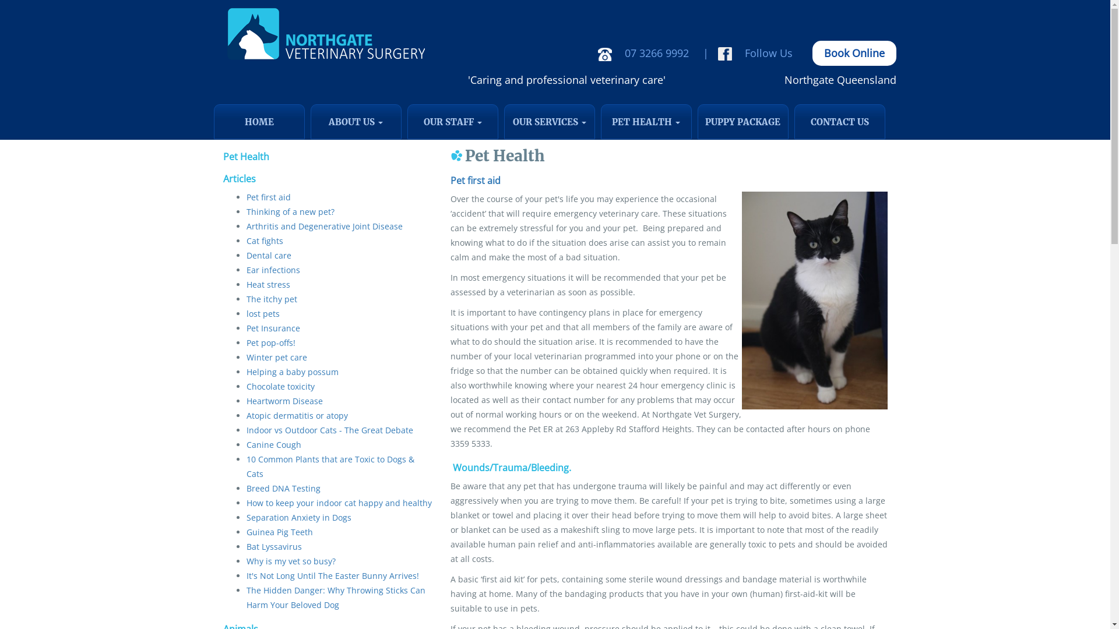 The height and width of the screenshot is (629, 1119). I want to click on 'Heat stress', so click(245, 284).